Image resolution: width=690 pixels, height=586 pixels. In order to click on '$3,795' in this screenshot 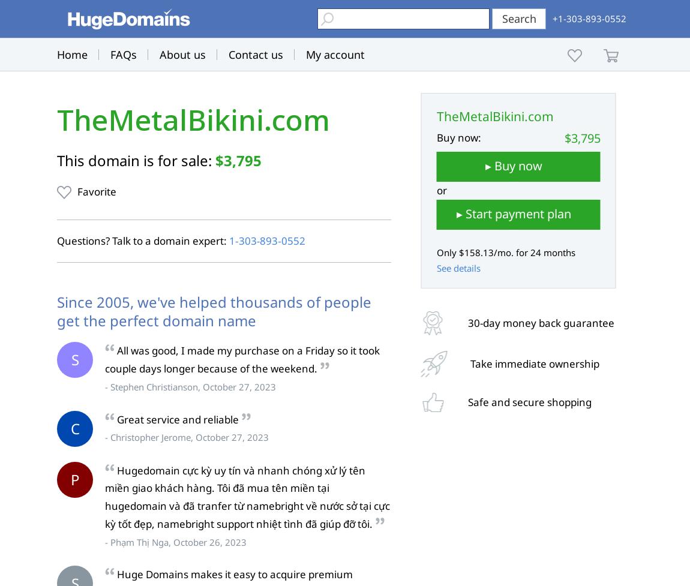, I will do `click(238, 160)`.